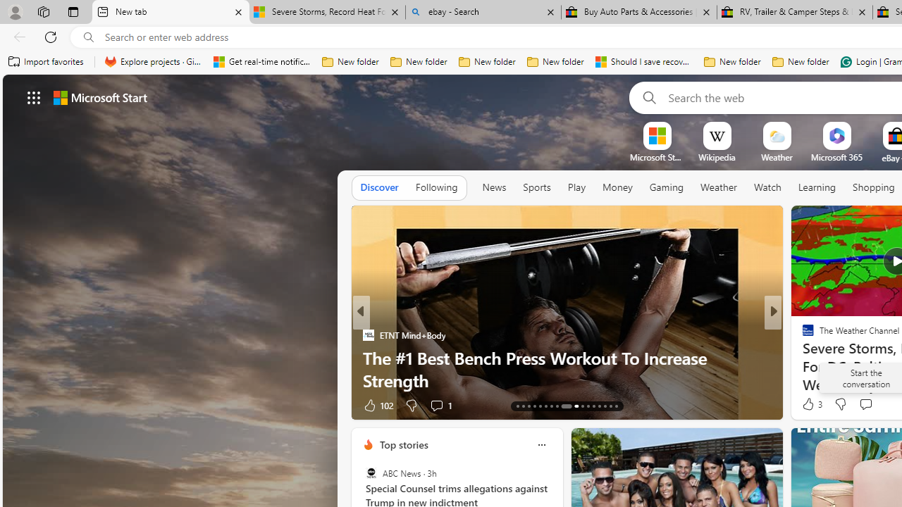 The height and width of the screenshot is (507, 902). Describe the element at coordinates (811, 404) in the screenshot. I see `'3 Like'` at that location.